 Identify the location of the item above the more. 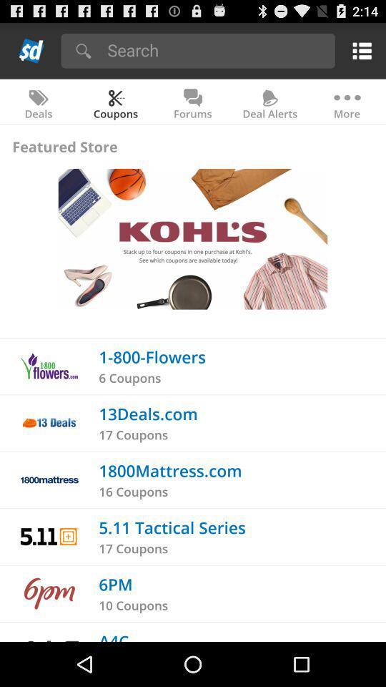
(359, 50).